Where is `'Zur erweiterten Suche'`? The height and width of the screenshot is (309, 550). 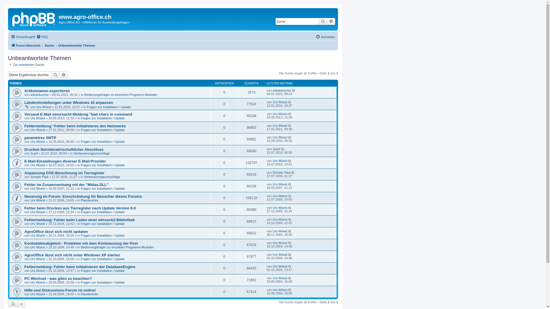 'Zur erweiterten Suche' is located at coordinates (26, 64).